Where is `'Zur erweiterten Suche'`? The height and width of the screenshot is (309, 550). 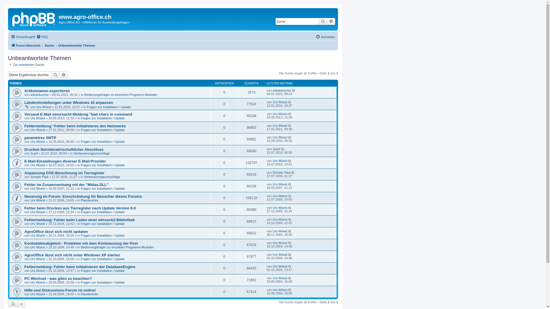 'Zur erweiterten Suche' is located at coordinates (26, 64).